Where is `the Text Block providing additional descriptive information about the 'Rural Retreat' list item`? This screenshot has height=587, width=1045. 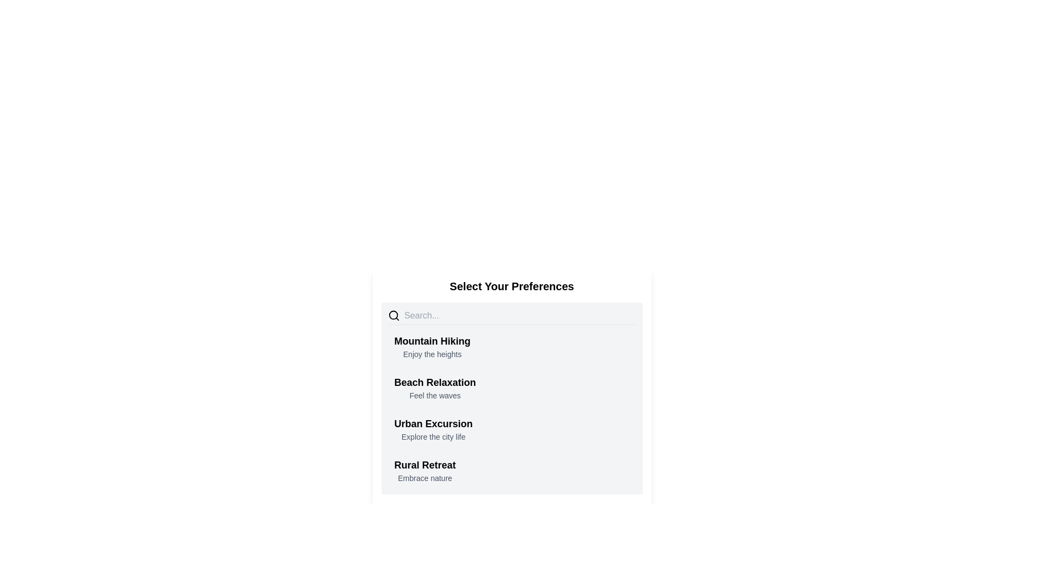
the Text Block providing additional descriptive information about the 'Rural Retreat' list item is located at coordinates (425, 477).